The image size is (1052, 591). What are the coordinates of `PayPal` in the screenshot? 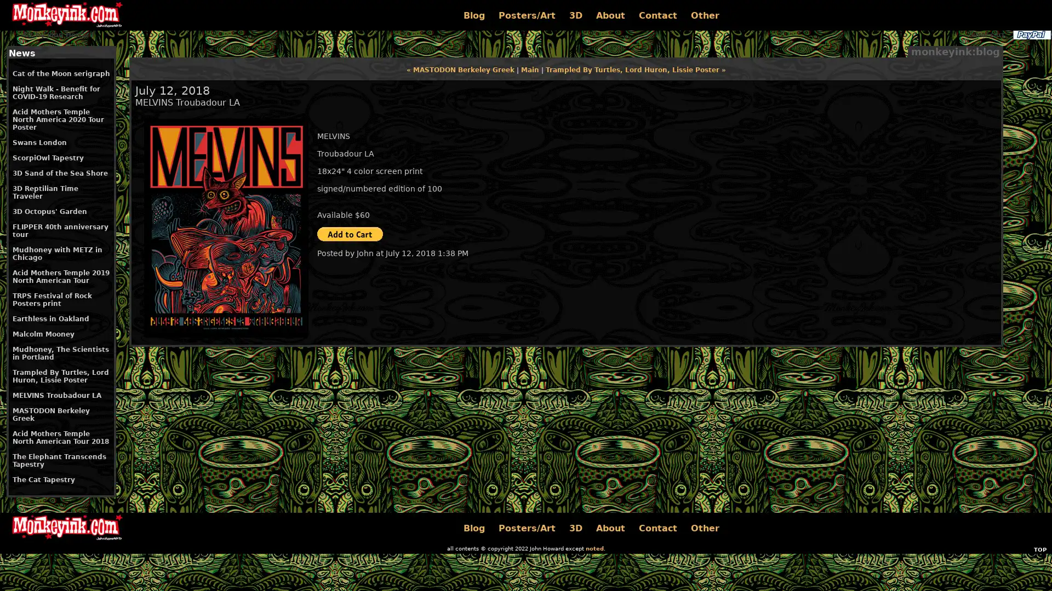 It's located at (1031, 34).